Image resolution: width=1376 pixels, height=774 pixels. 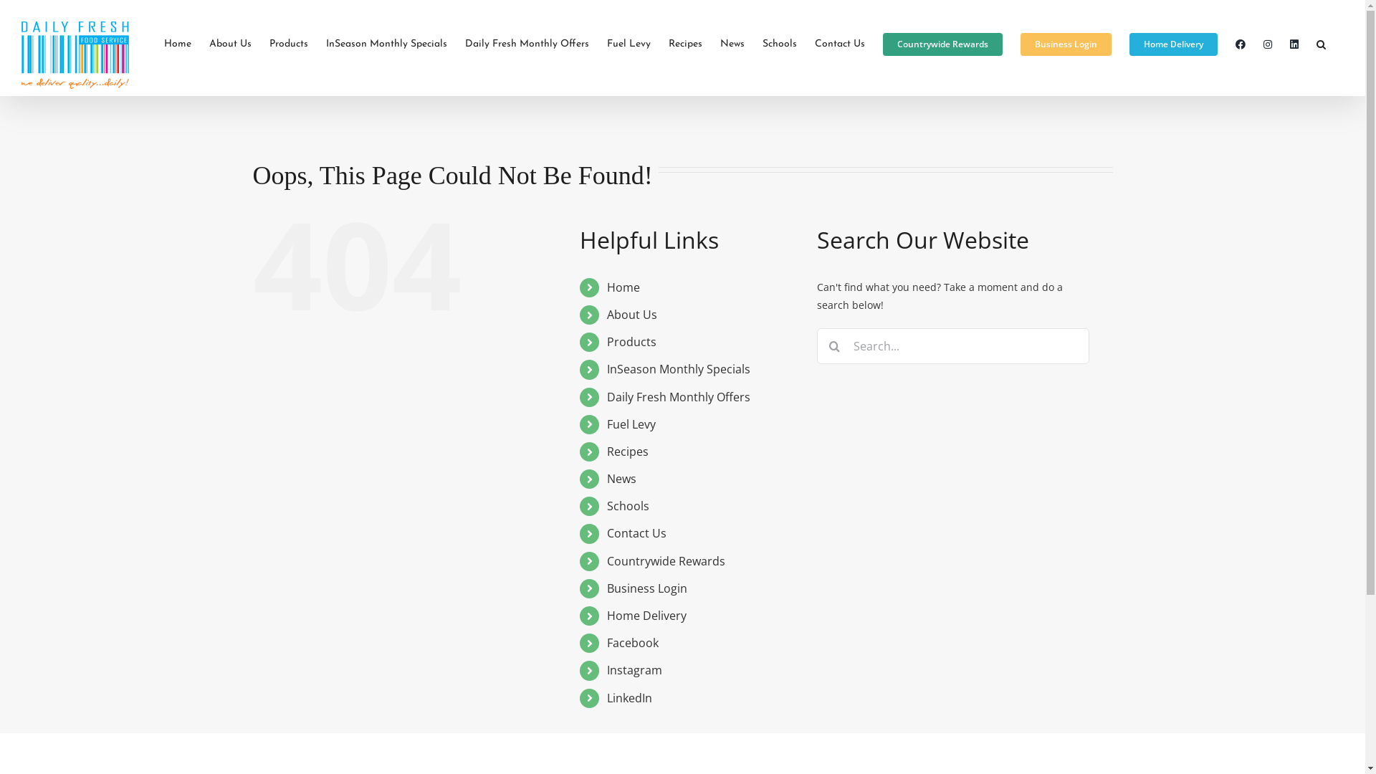 What do you see at coordinates (1128, 43) in the screenshot?
I see `'Home Delivery'` at bounding box center [1128, 43].